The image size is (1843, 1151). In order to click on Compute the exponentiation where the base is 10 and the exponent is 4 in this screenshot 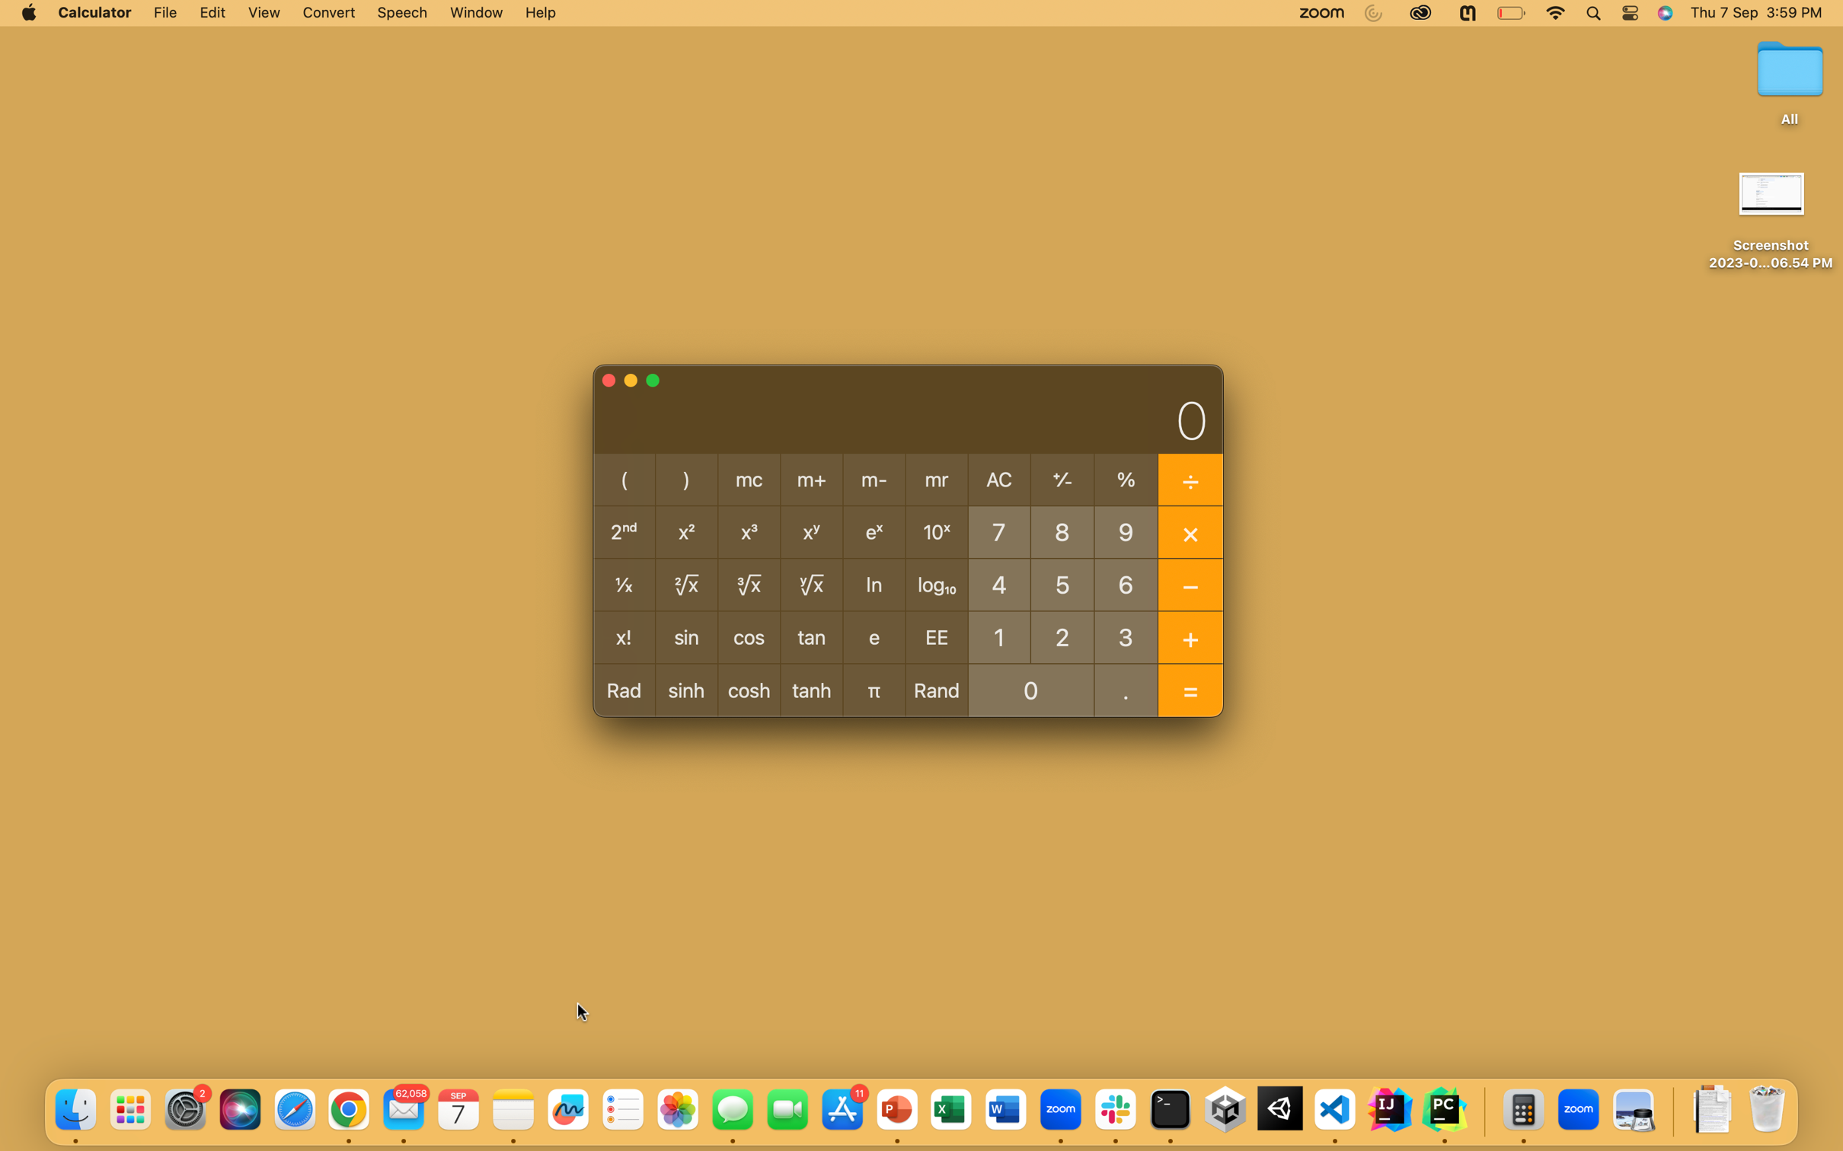, I will do `click(997, 584)`.